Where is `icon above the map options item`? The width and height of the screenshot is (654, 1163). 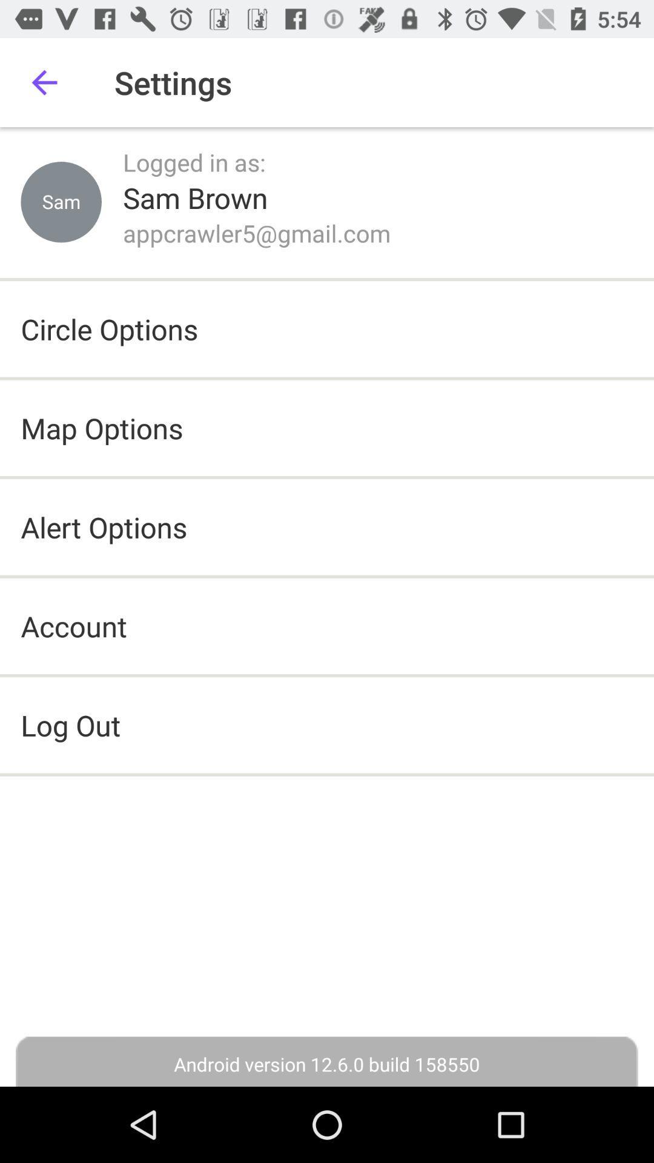
icon above the map options item is located at coordinates (109, 329).